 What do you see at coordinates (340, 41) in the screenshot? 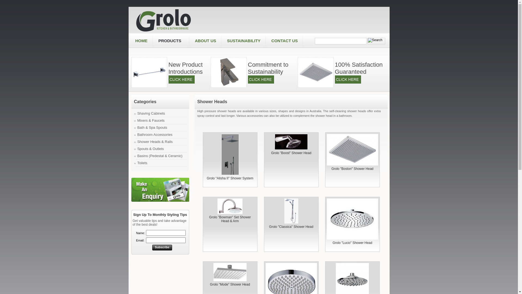
I see `'Search'` at bounding box center [340, 41].